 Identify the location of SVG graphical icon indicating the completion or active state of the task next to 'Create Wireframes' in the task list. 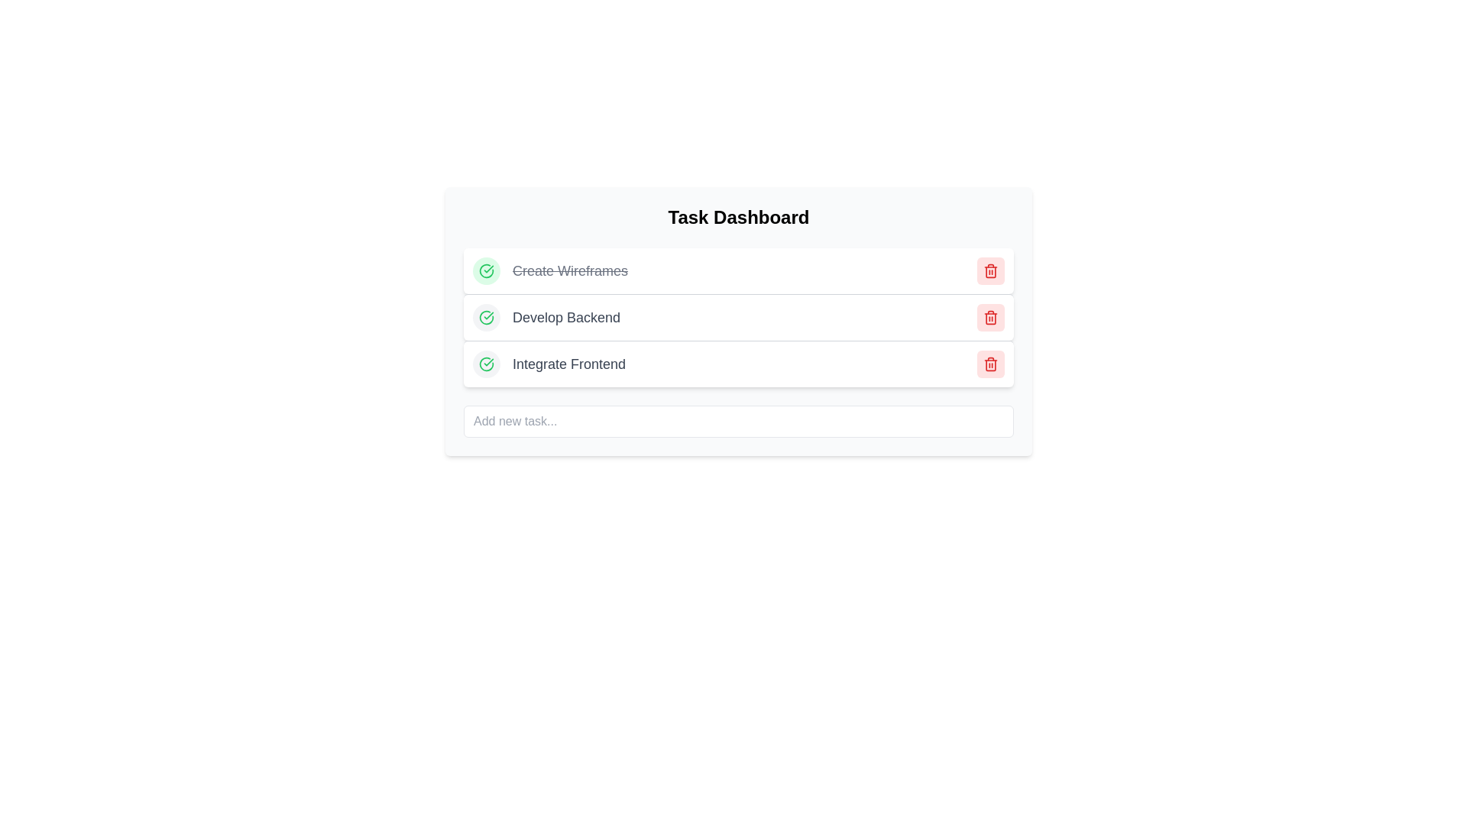
(486, 270).